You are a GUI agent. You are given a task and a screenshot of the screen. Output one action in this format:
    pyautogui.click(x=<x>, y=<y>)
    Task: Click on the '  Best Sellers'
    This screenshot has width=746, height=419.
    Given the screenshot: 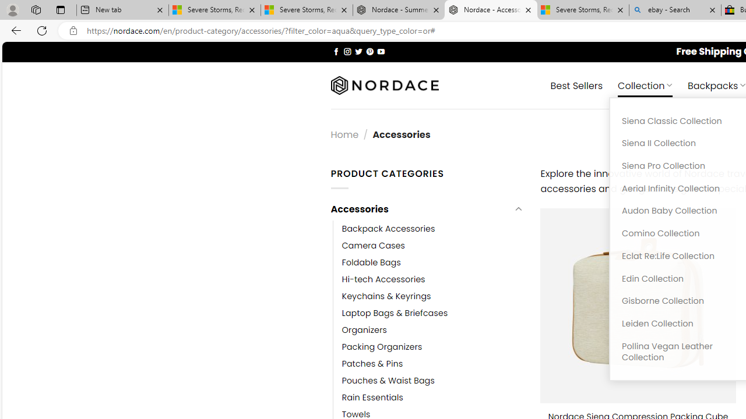 What is the action you would take?
    pyautogui.click(x=577, y=84)
    